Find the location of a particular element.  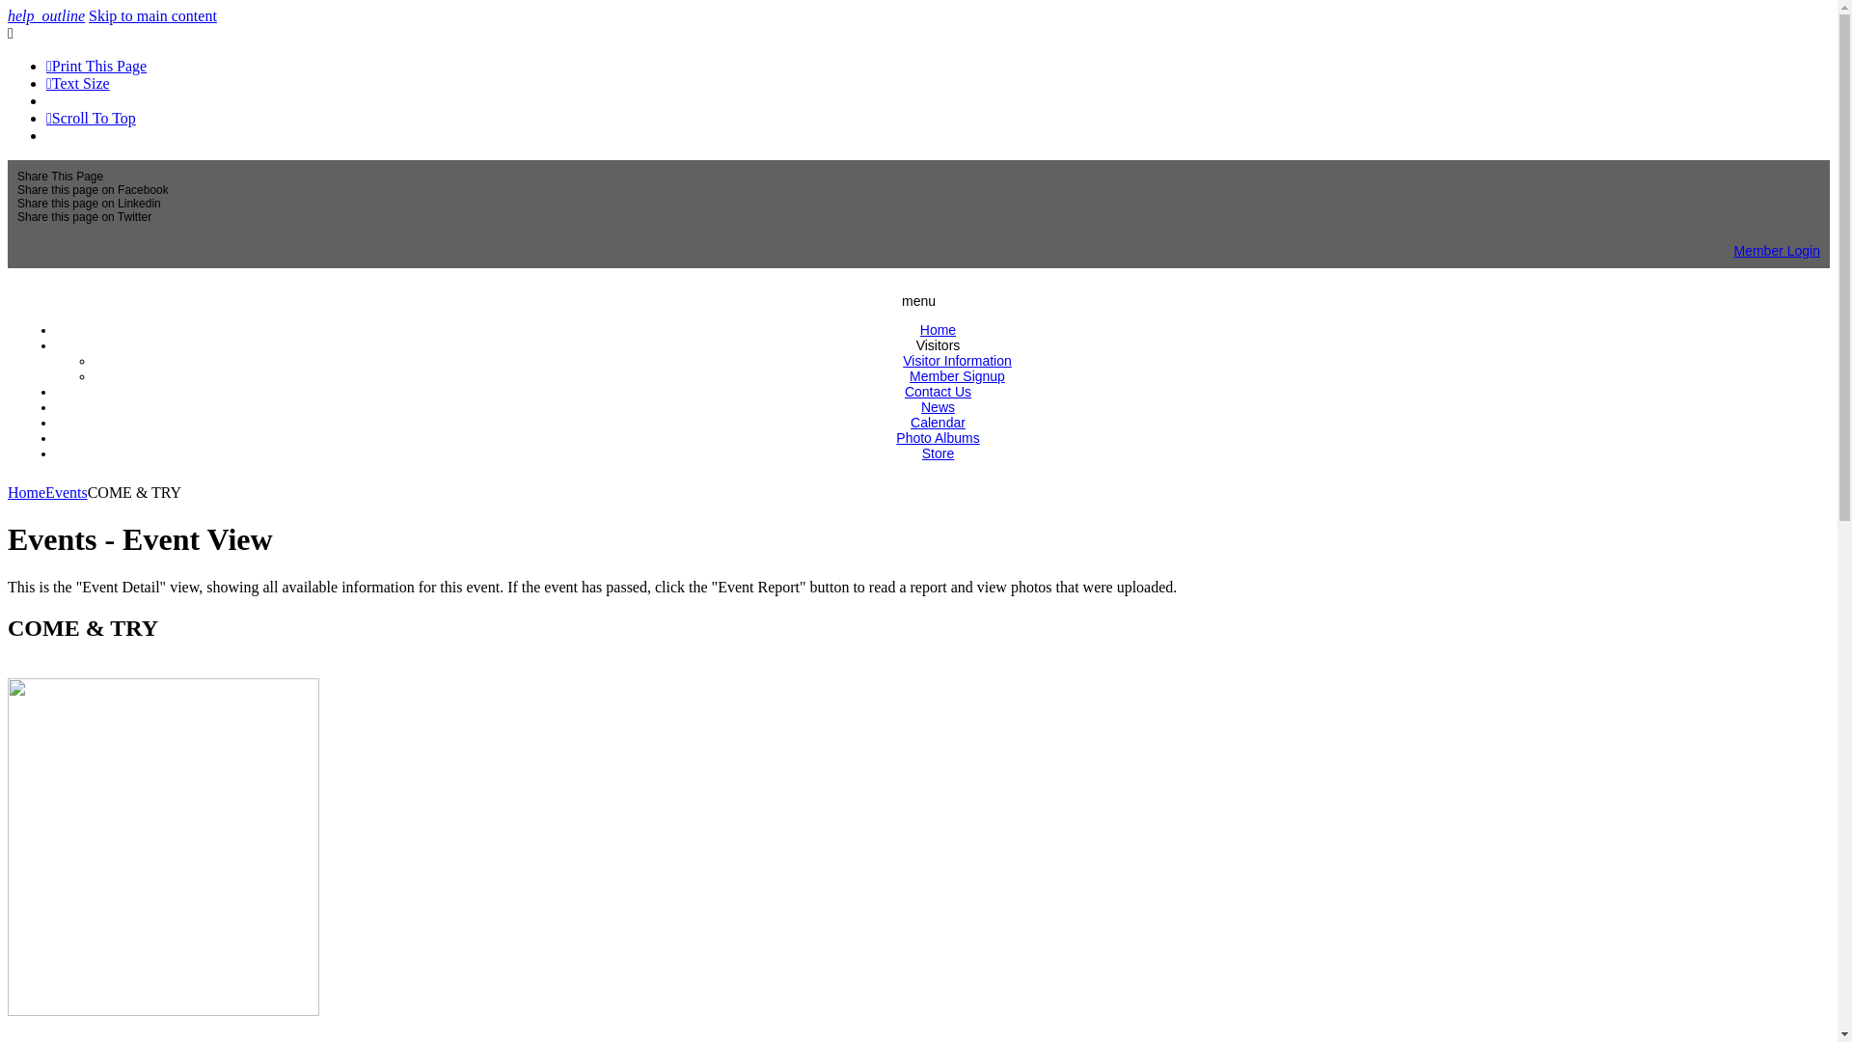

'Calendar' is located at coordinates (938, 422).